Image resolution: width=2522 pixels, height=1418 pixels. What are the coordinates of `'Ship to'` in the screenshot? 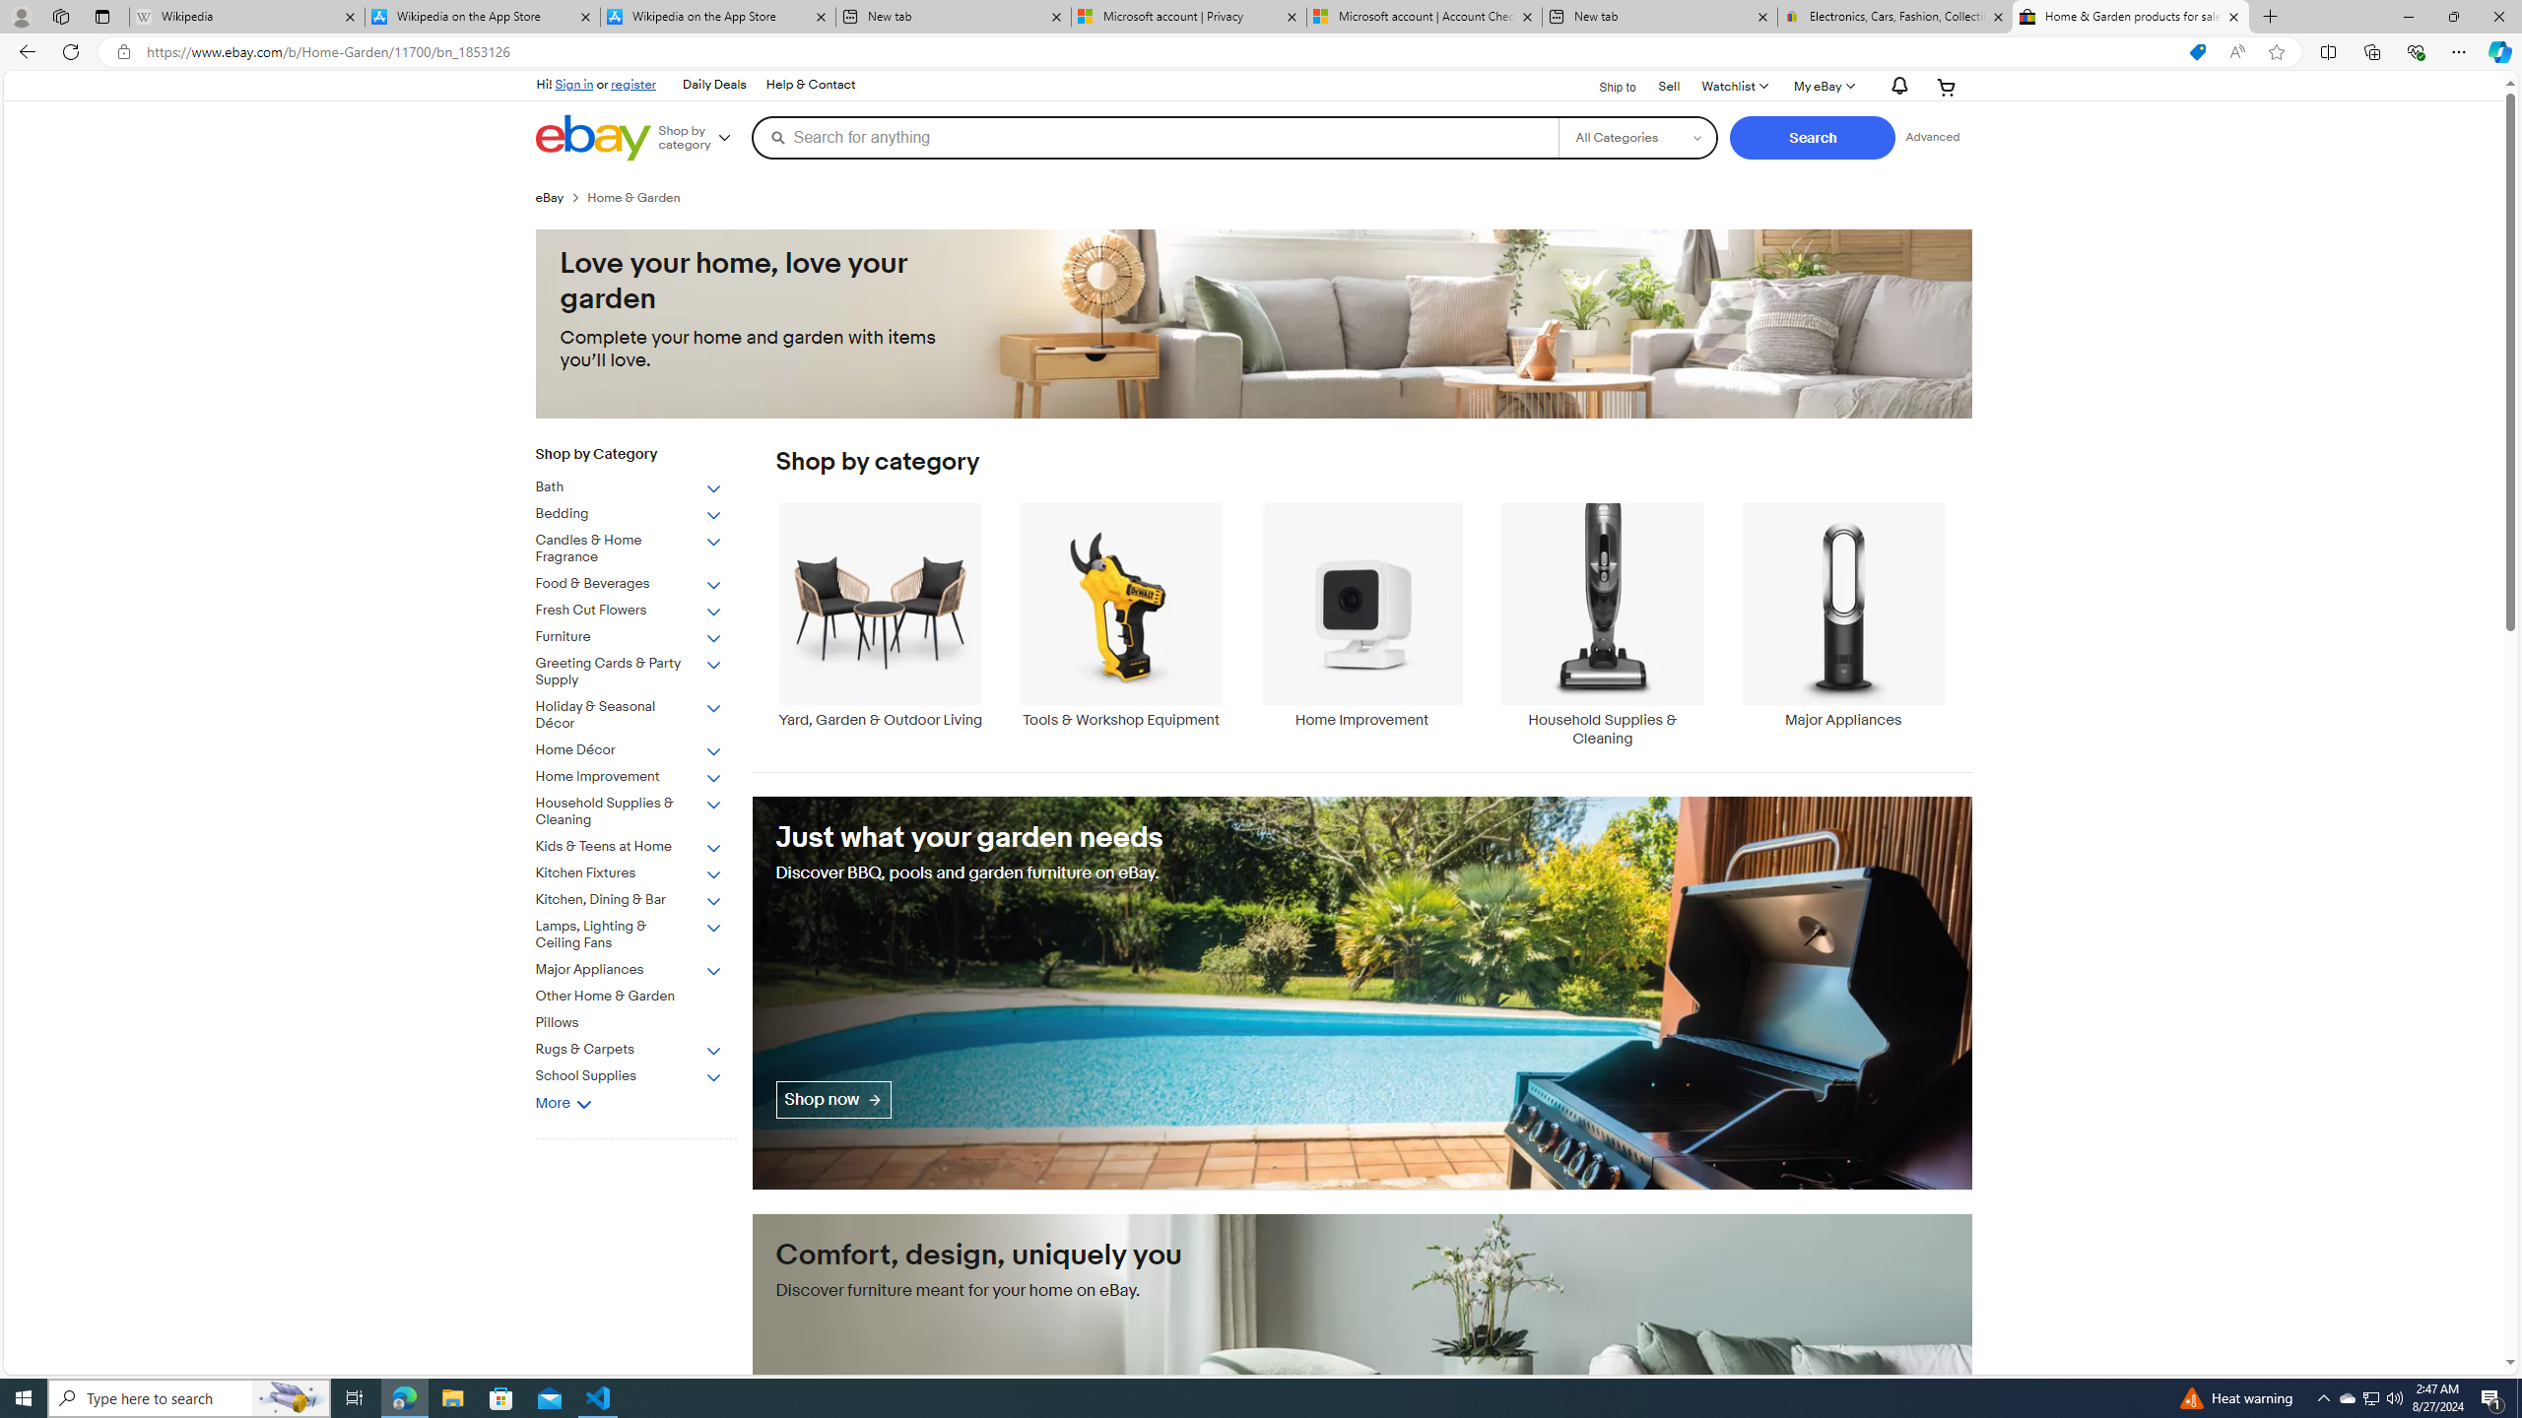 It's located at (1604, 86).